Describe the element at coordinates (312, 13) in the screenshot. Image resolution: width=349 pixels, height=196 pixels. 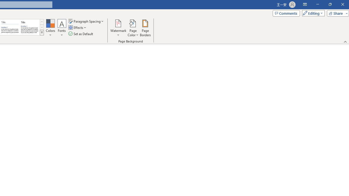
I see `'Editing'` at that location.